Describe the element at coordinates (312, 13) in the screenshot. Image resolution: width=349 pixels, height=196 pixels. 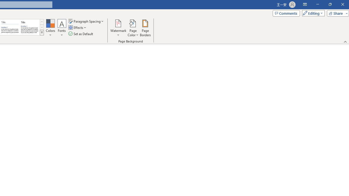
I see `'Editing'` at that location.